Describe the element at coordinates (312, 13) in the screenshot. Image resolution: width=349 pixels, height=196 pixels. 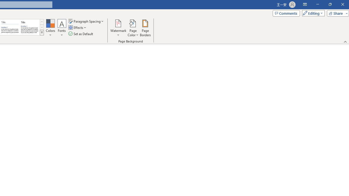
I see `'Editing'` at that location.